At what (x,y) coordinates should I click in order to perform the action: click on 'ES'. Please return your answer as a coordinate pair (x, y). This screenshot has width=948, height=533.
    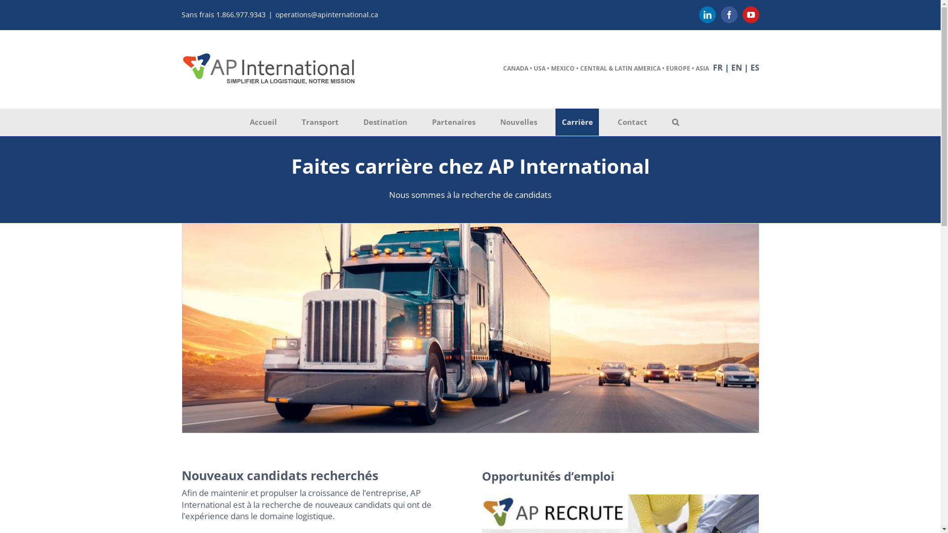
    Looking at the image, I should click on (754, 67).